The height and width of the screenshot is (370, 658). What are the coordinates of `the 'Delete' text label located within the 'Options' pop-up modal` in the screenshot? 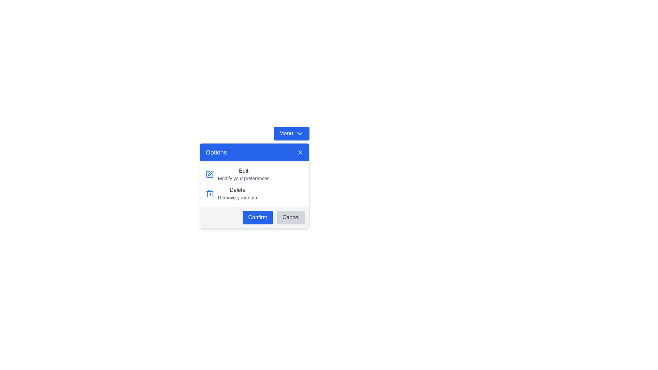 It's located at (237, 190).